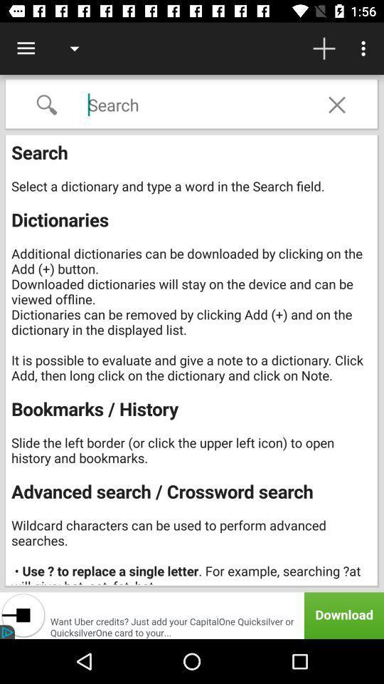  I want to click on the search icon, so click(46, 104).